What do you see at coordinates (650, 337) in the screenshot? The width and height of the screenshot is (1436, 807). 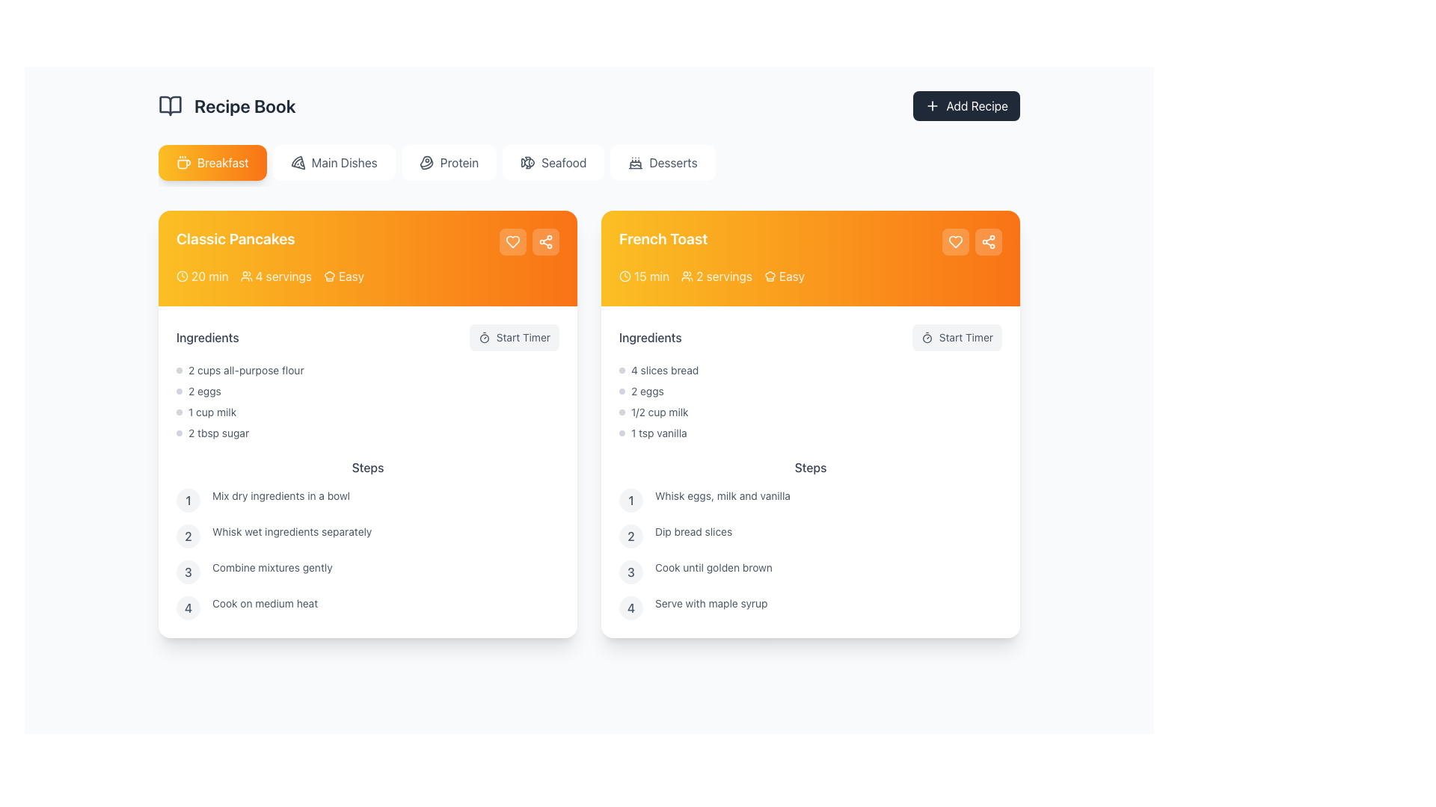 I see `the 'Ingredients' text label that identifies the ingredients for the French Toast recipe` at bounding box center [650, 337].